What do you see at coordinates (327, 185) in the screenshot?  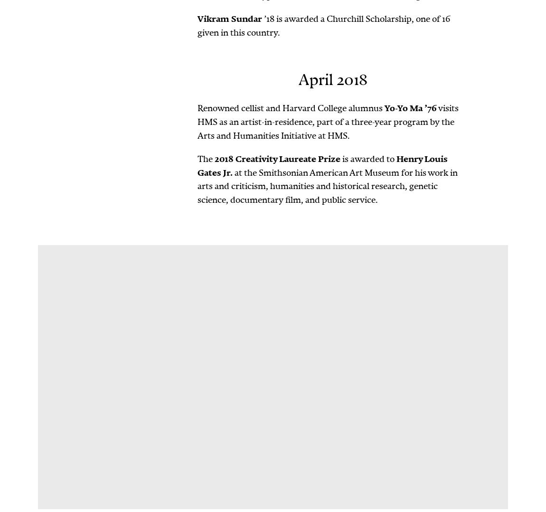 I see `'at the Smithsonian American Art Museum for his work in arts and criticism, humanities and historical research, genetic science, documentary film, and public service.'` at bounding box center [327, 185].